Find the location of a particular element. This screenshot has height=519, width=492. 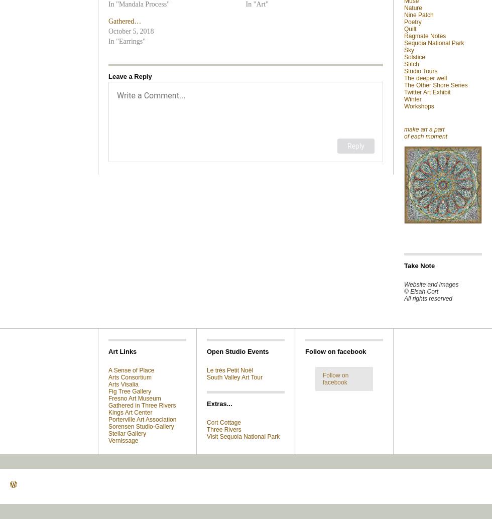

'Cort Cottage' is located at coordinates (223, 422).